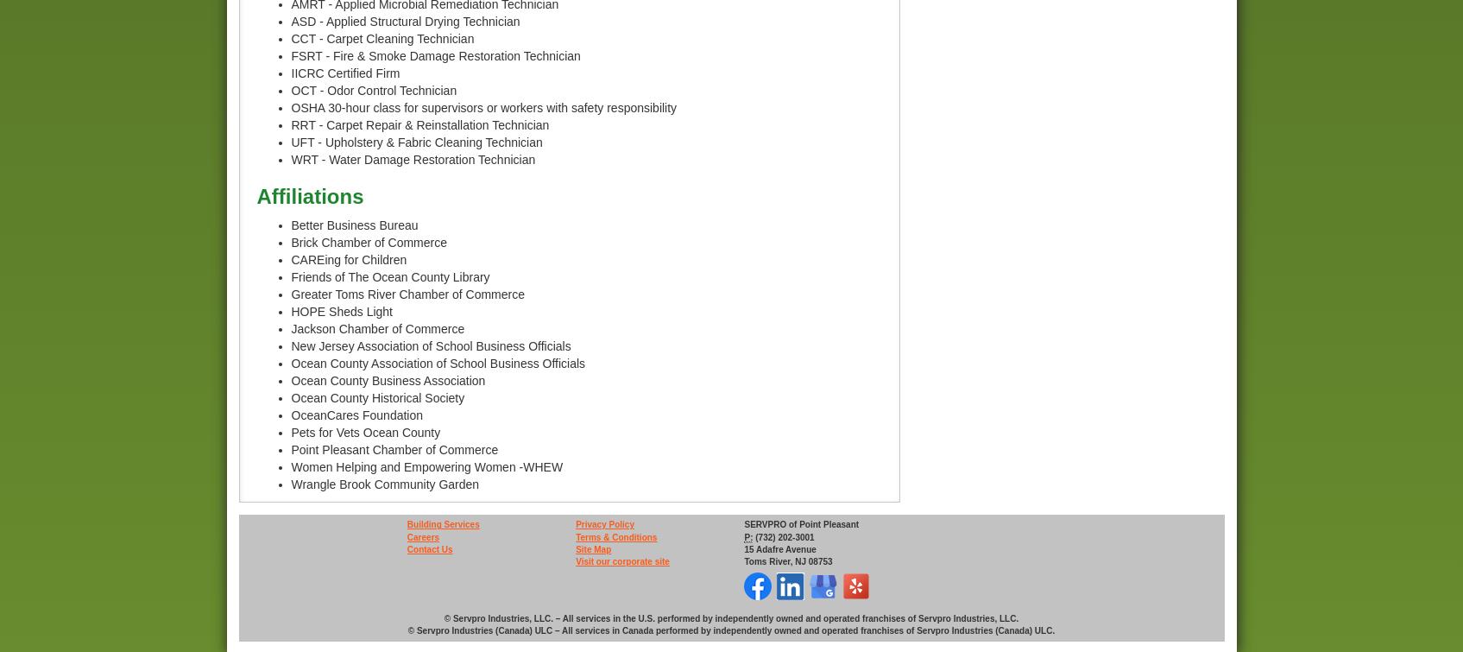 The height and width of the screenshot is (652, 1463). I want to click on 'HOPE Sheds Light', so click(341, 311).